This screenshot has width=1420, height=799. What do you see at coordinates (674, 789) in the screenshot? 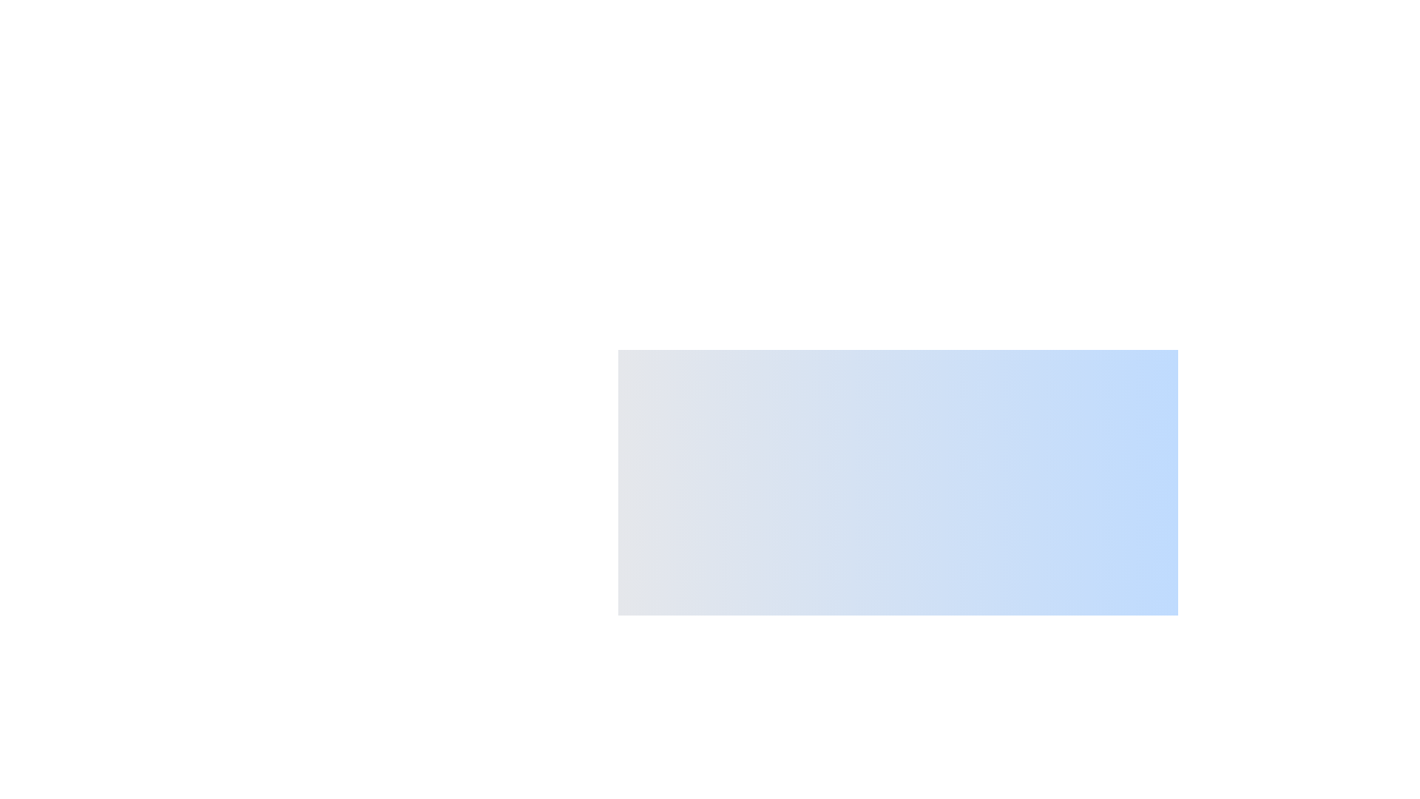
I see `the decorative Vector graphic circle located at the bottom region of the layout, roughly centered horizontally` at bounding box center [674, 789].